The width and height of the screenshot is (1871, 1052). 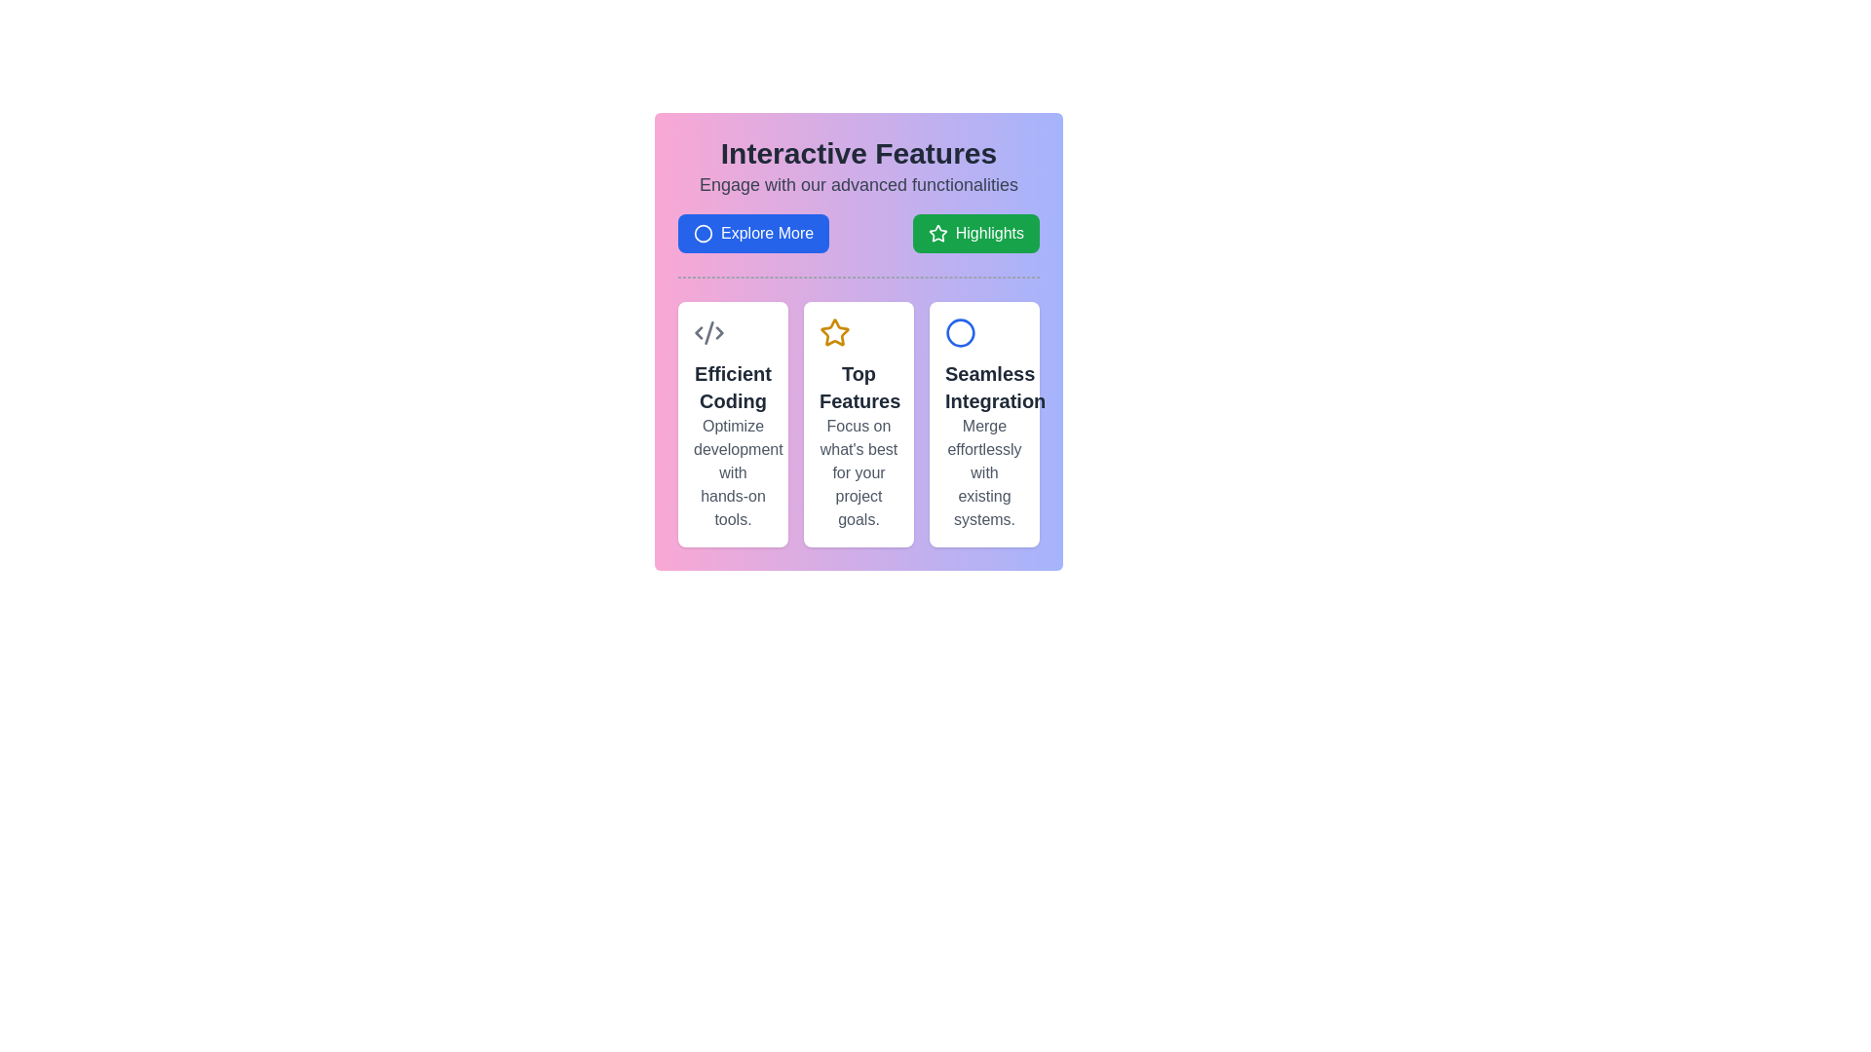 I want to click on text label that says 'Engage with our advanced functionalities', which is styled in light gray and located below 'Interactive Features', so click(x=858, y=184).